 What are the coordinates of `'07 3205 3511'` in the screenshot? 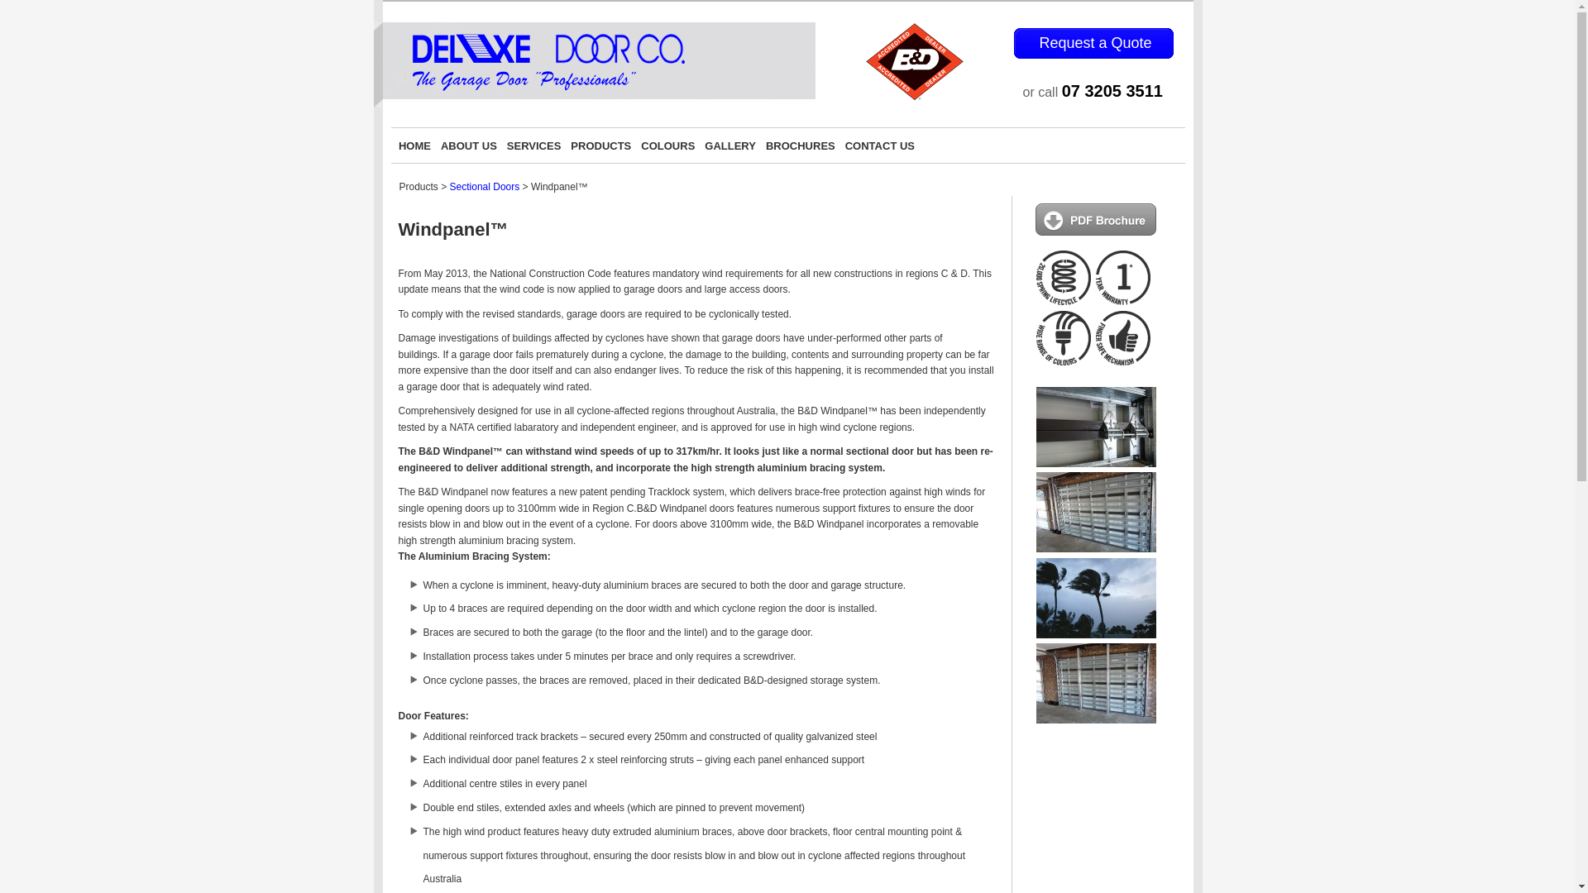 It's located at (1061, 91).